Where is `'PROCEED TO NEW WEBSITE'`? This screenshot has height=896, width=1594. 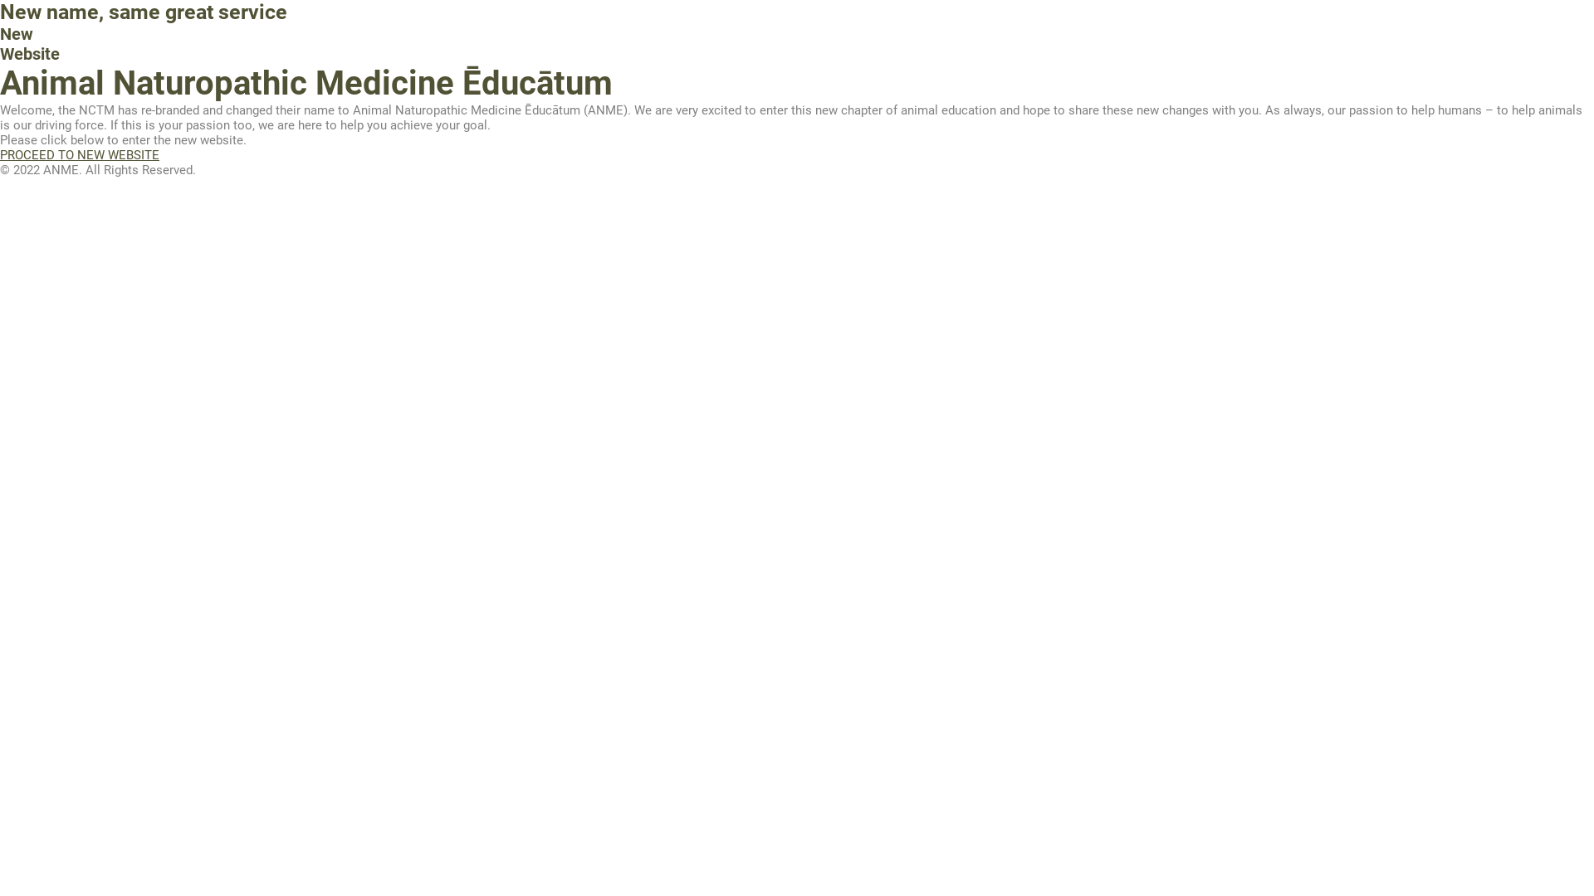
'PROCEED TO NEW WEBSITE' is located at coordinates (79, 154).